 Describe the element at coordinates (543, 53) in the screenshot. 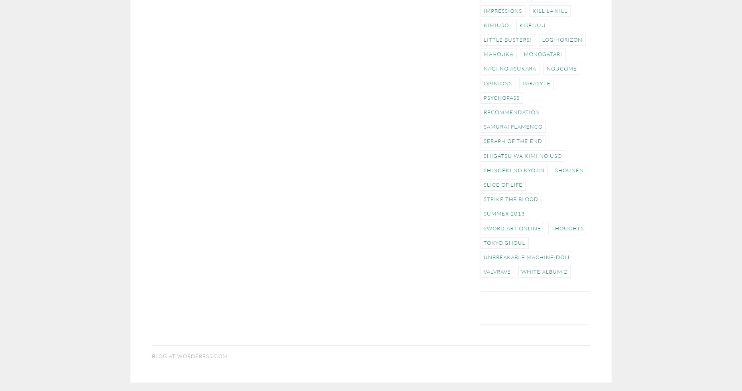

I see `'Monogatari'` at that location.